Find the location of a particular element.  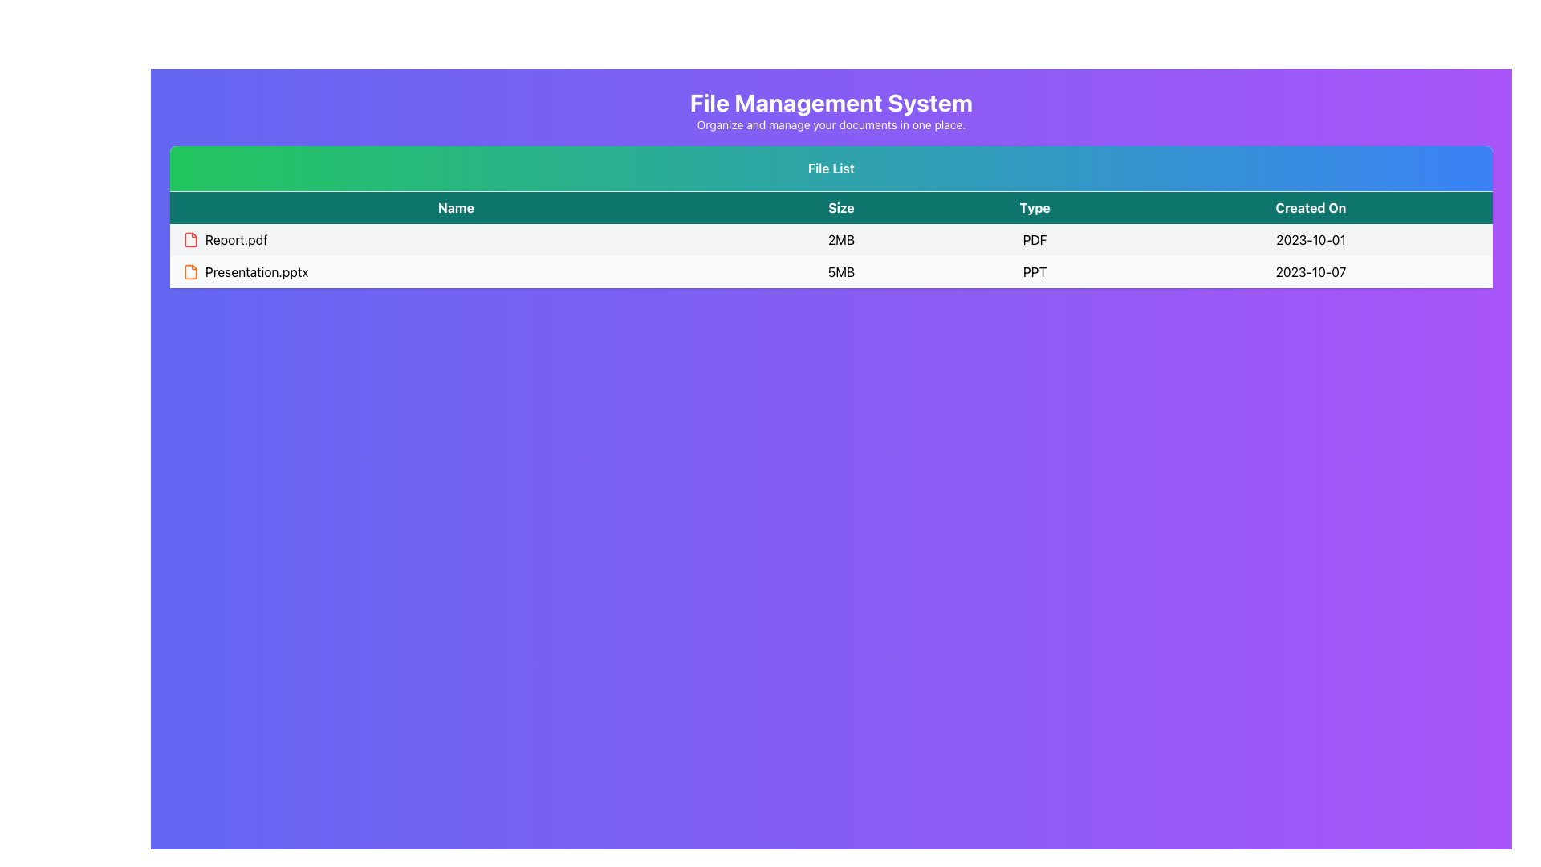

the Text label displaying the creation date of the file 'Presentation.pptx' in the last cell of the second row under the 'Created On' column is located at coordinates (1311, 271).